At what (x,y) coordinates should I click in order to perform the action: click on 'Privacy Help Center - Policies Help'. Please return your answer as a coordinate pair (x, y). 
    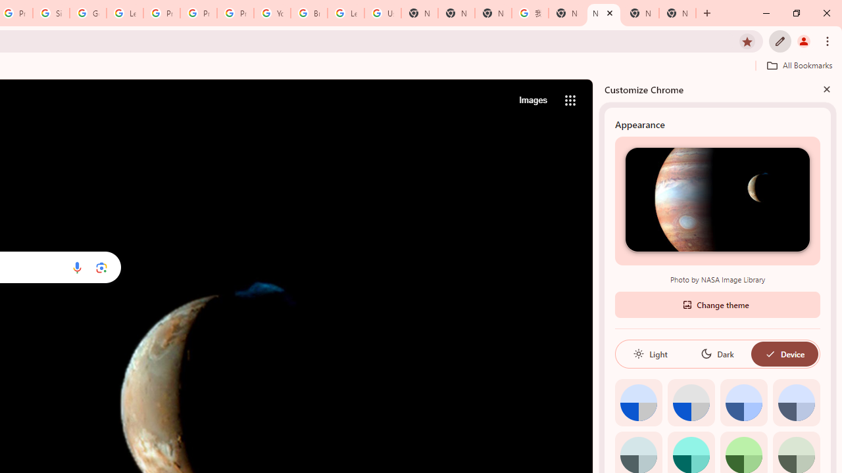
    Looking at the image, I should click on (198, 13).